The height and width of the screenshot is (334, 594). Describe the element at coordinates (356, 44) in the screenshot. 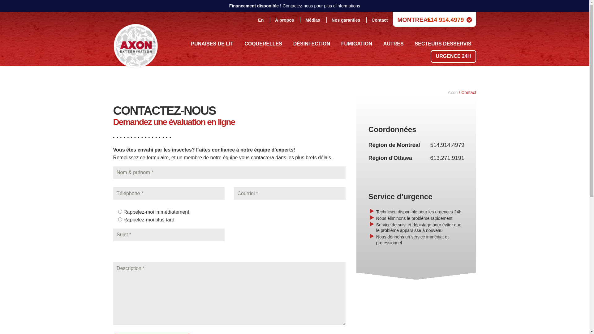

I see `'FUMIGATION'` at that location.